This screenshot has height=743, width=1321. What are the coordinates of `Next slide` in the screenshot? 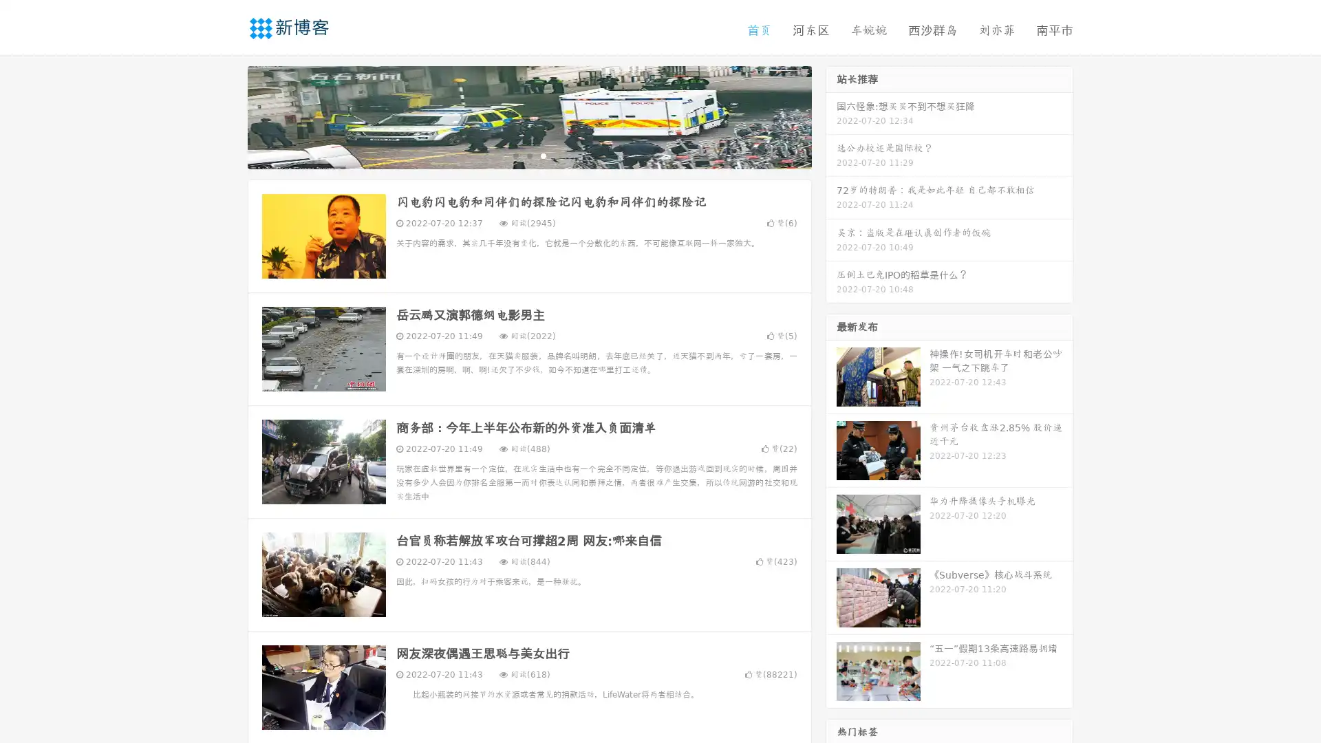 It's located at (831, 116).